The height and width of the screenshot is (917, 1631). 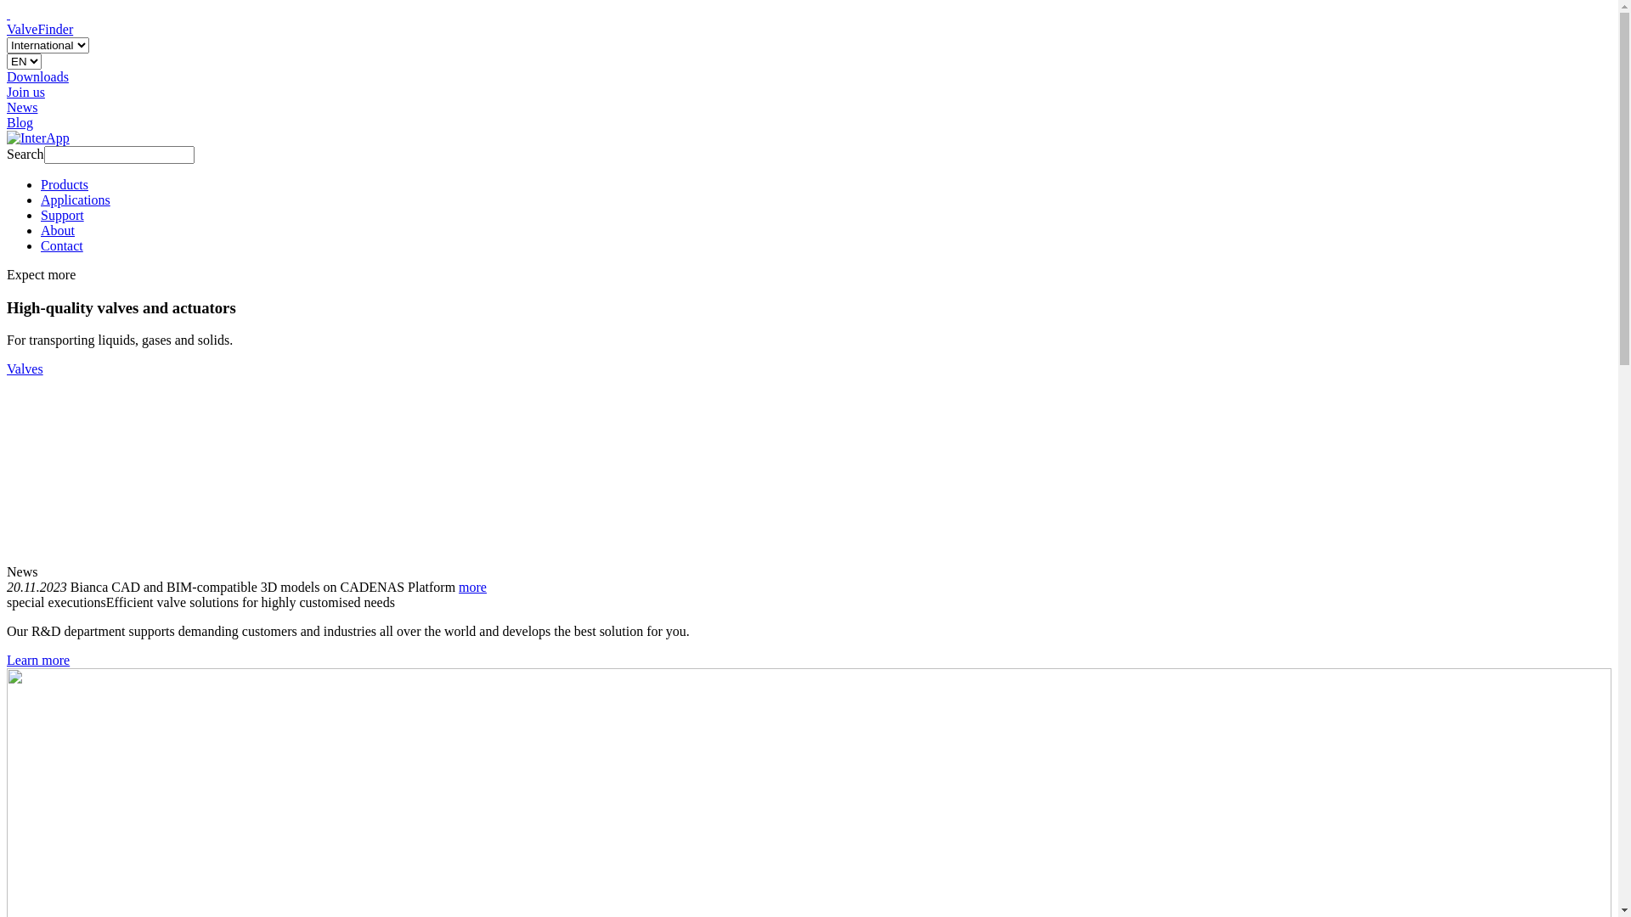 I want to click on 'ValveFinder', so click(x=7, y=29).